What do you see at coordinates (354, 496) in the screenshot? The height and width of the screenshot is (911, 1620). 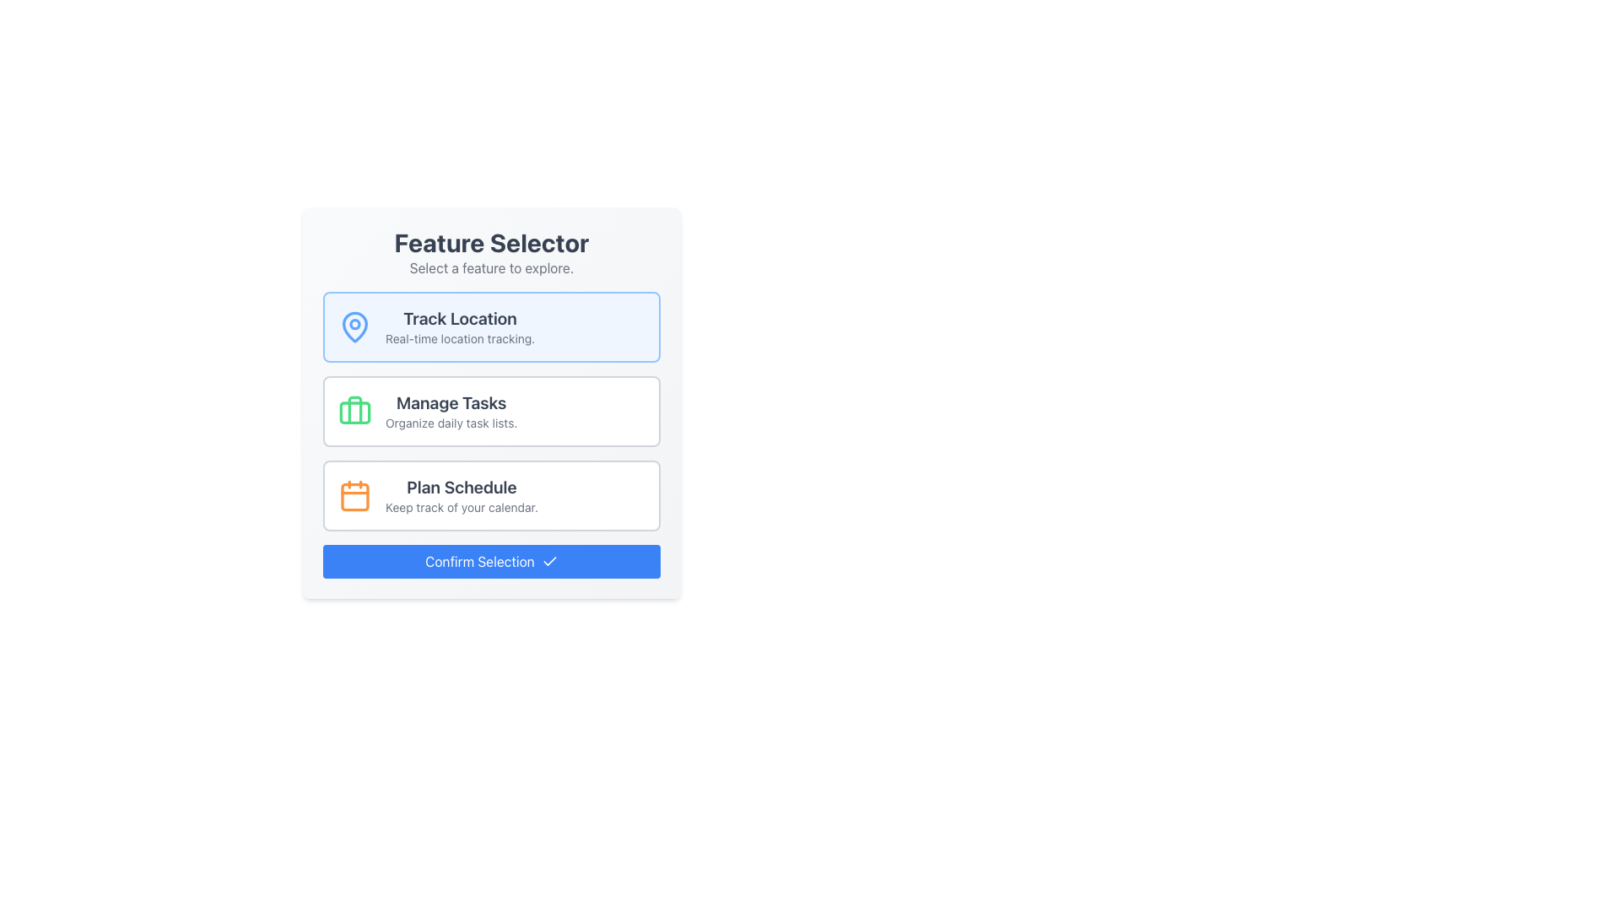 I see `the 'Plan Schedule' icon within the button component, which is located to the far left of the button next to the associated text` at bounding box center [354, 496].